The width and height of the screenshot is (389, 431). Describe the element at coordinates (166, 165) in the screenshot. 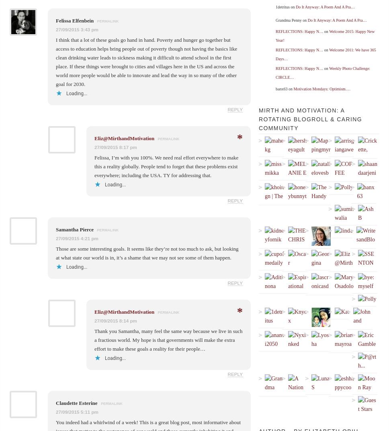

I see `'Felissa, I’m with you 100%. We need real effort everywhere to make this a reality globally. People tend to forget that these problems exist everywhere; including the USA. TY for addressing that.'` at that location.